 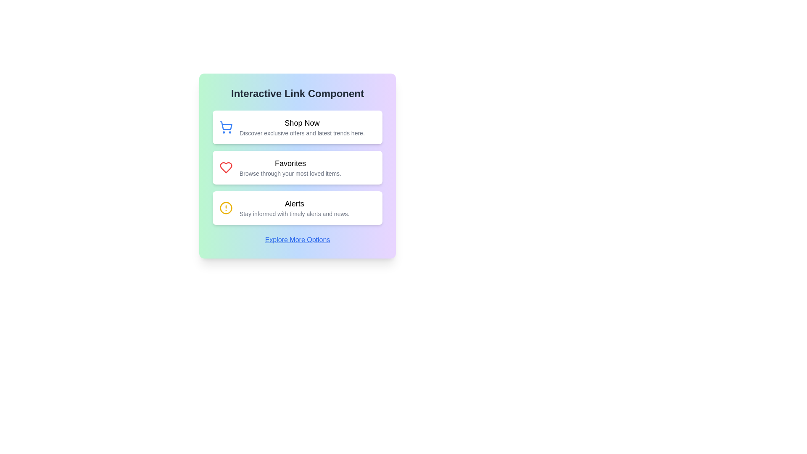 What do you see at coordinates (294, 208) in the screenshot?
I see `the text element containing the heading 'Alerts' and the subheading 'Stay informed with timely alerts and news.' which is positioned centrally within the third interactive card that features a yellow circle icon with an exclamation point` at bounding box center [294, 208].